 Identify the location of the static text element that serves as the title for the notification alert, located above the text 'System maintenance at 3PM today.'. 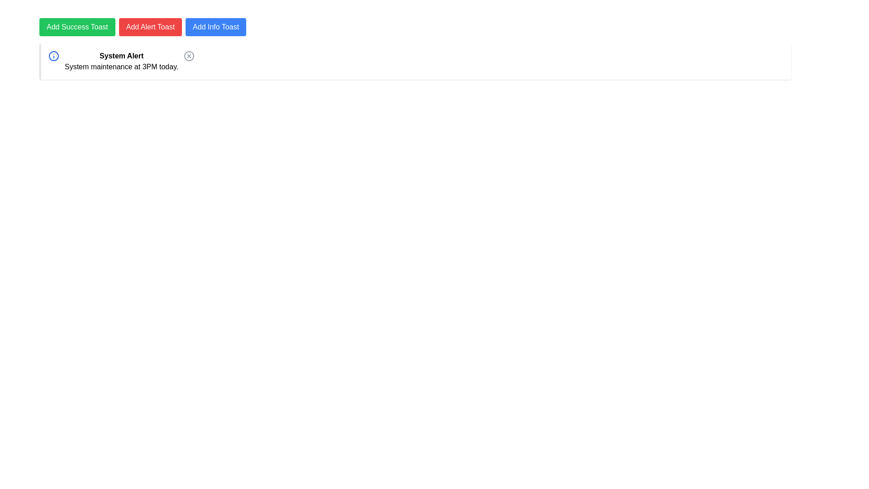
(121, 56).